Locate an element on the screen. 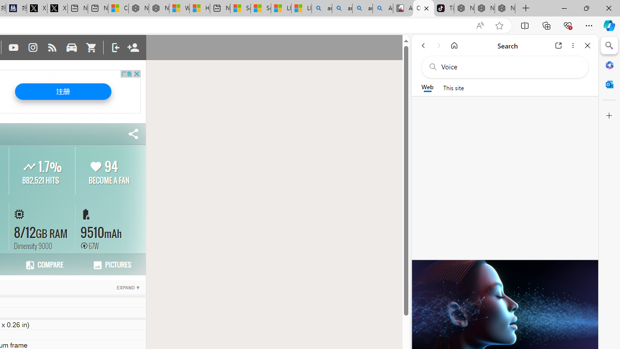 This screenshot has height=349, width=620. 'This site scope' is located at coordinates (453, 87).